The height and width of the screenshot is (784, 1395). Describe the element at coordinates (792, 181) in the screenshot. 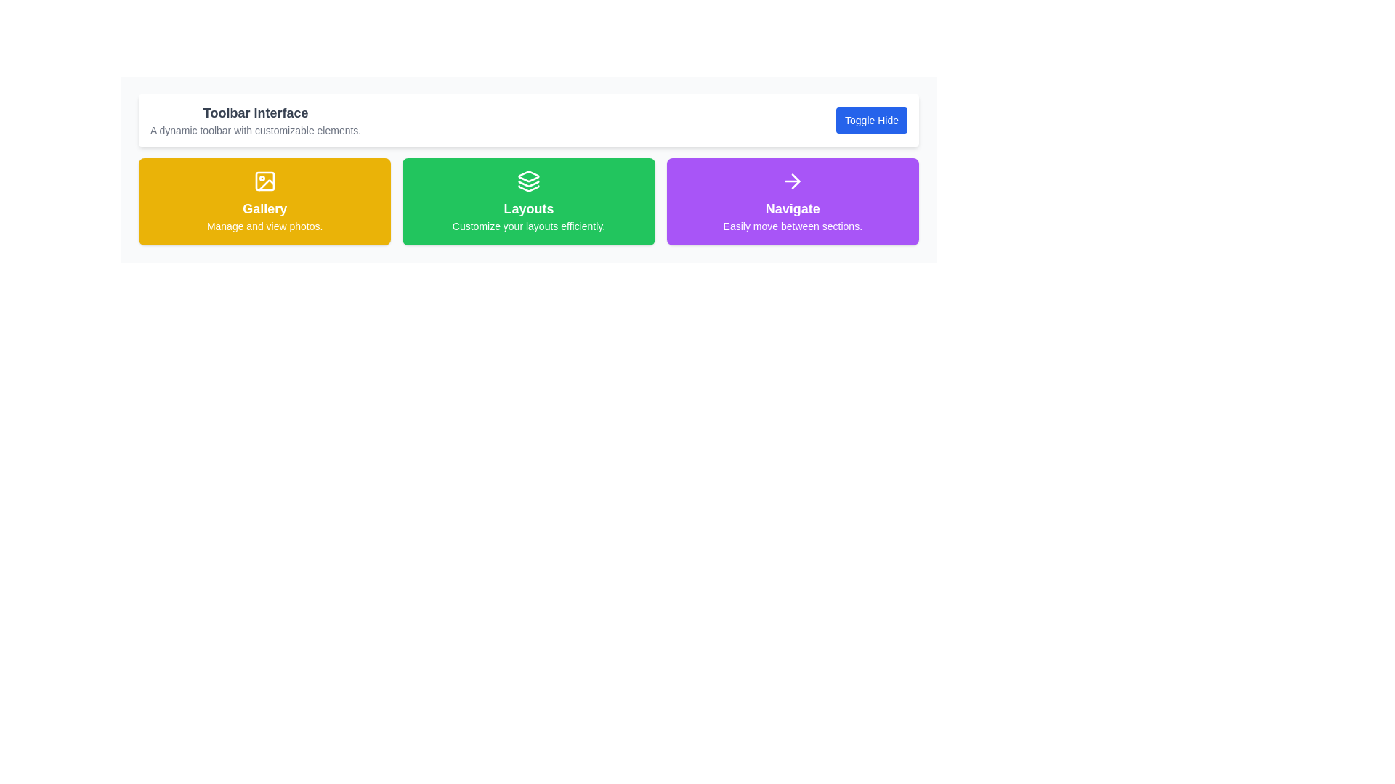

I see `the right-facing arrow icon within the purple 'Navigate' card, located above the text 'Easily move between sections.' and below the card's title` at that location.